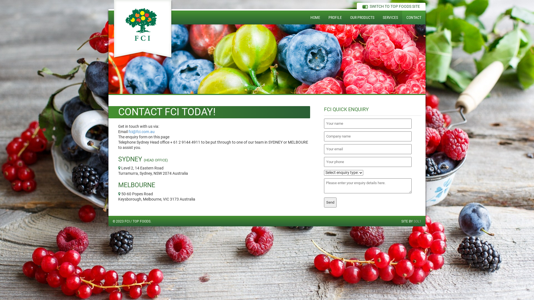  I want to click on 'HOME', so click(315, 17).